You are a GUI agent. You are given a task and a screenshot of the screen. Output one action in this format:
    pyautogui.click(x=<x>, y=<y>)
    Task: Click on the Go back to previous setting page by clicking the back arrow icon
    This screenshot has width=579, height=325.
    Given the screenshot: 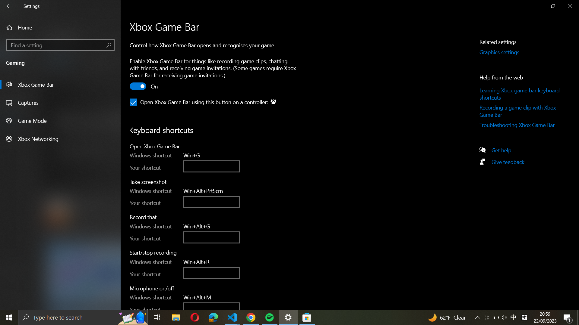 What is the action you would take?
    pyautogui.click(x=10, y=6)
    